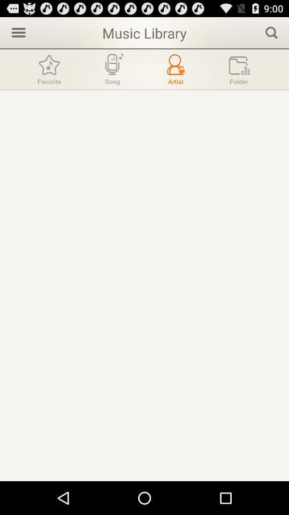  Describe the element at coordinates (176, 69) in the screenshot. I see `item below the music library item` at that location.